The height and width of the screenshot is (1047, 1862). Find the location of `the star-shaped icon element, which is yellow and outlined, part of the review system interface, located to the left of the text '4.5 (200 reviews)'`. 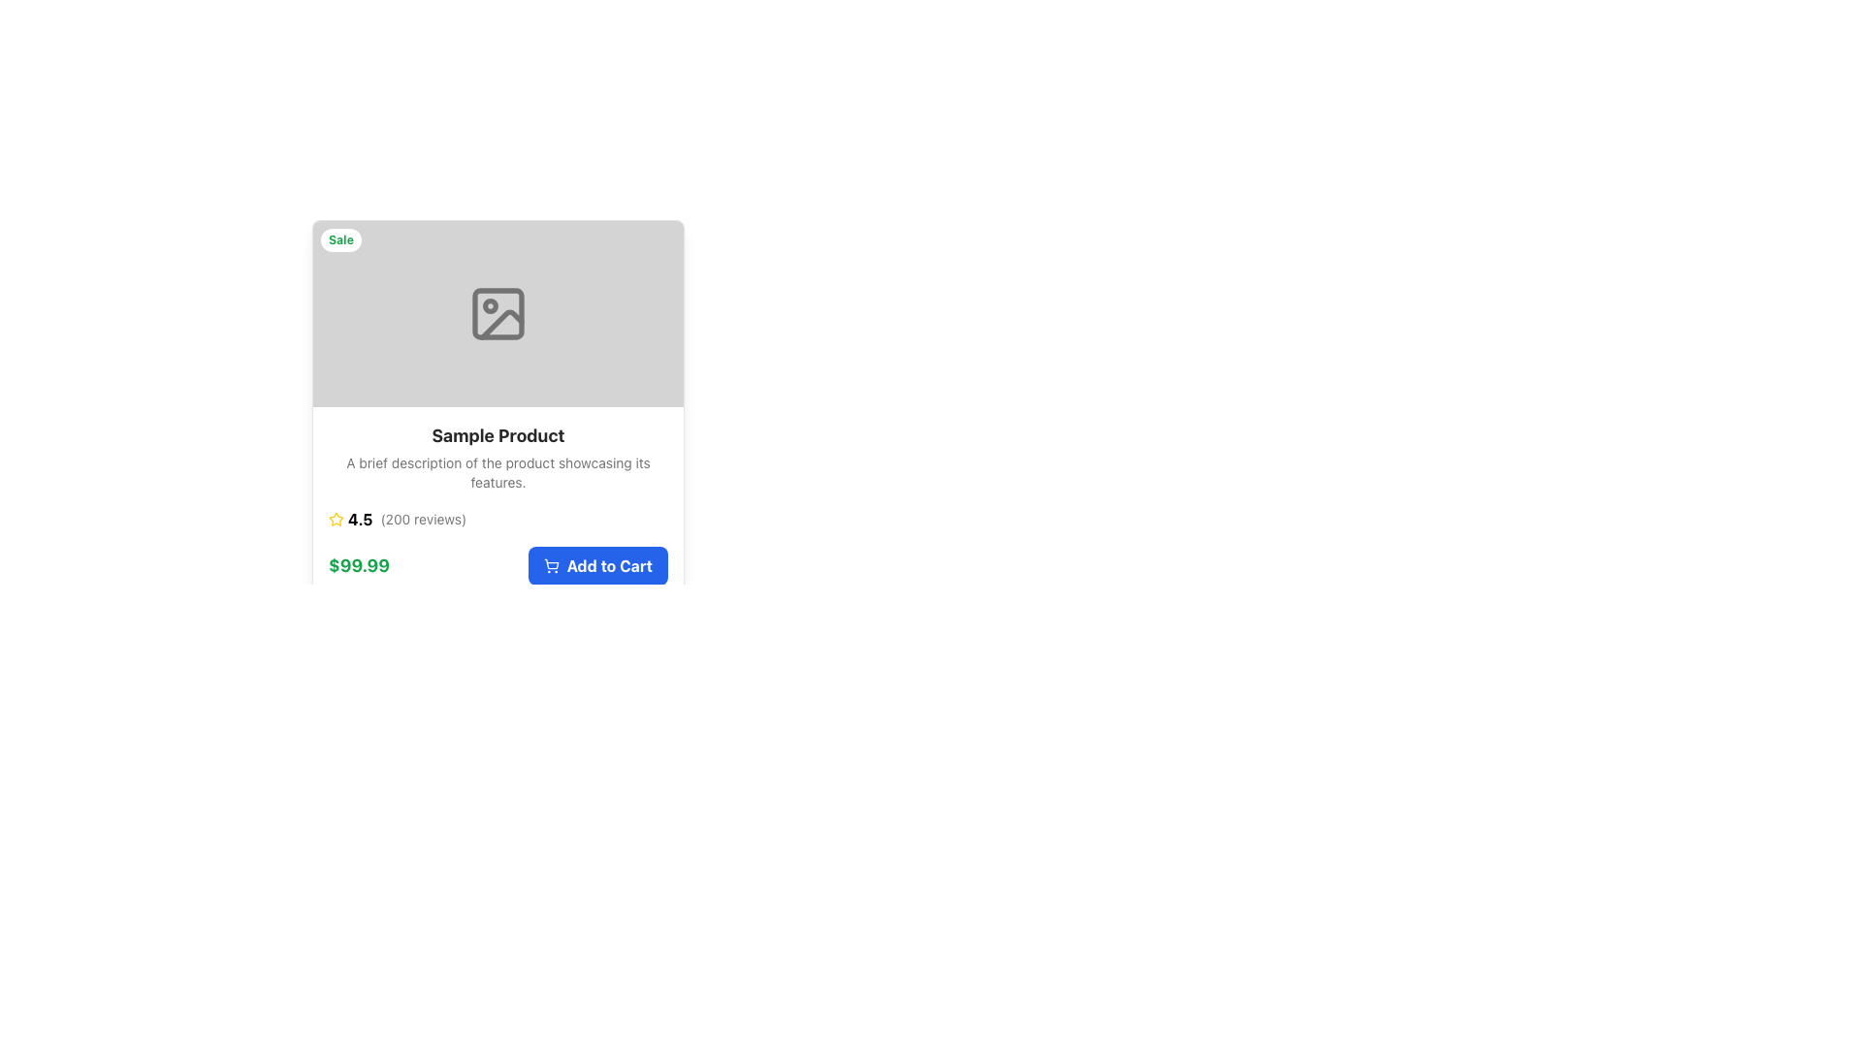

the star-shaped icon element, which is yellow and outlined, part of the review system interface, located to the left of the text '4.5 (200 reviews)' is located at coordinates (336, 519).